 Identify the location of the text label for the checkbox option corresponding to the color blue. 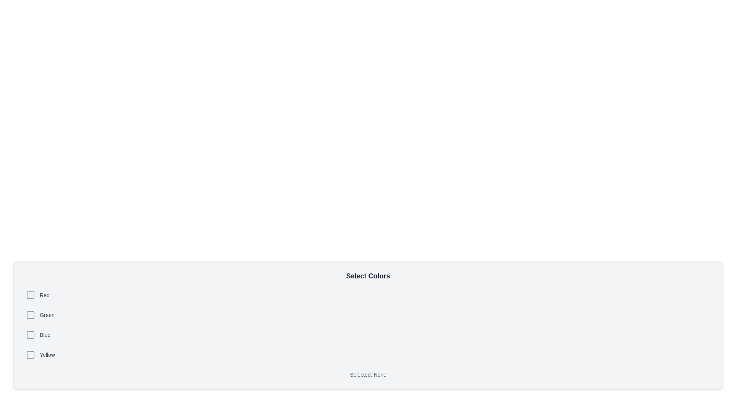
(45, 334).